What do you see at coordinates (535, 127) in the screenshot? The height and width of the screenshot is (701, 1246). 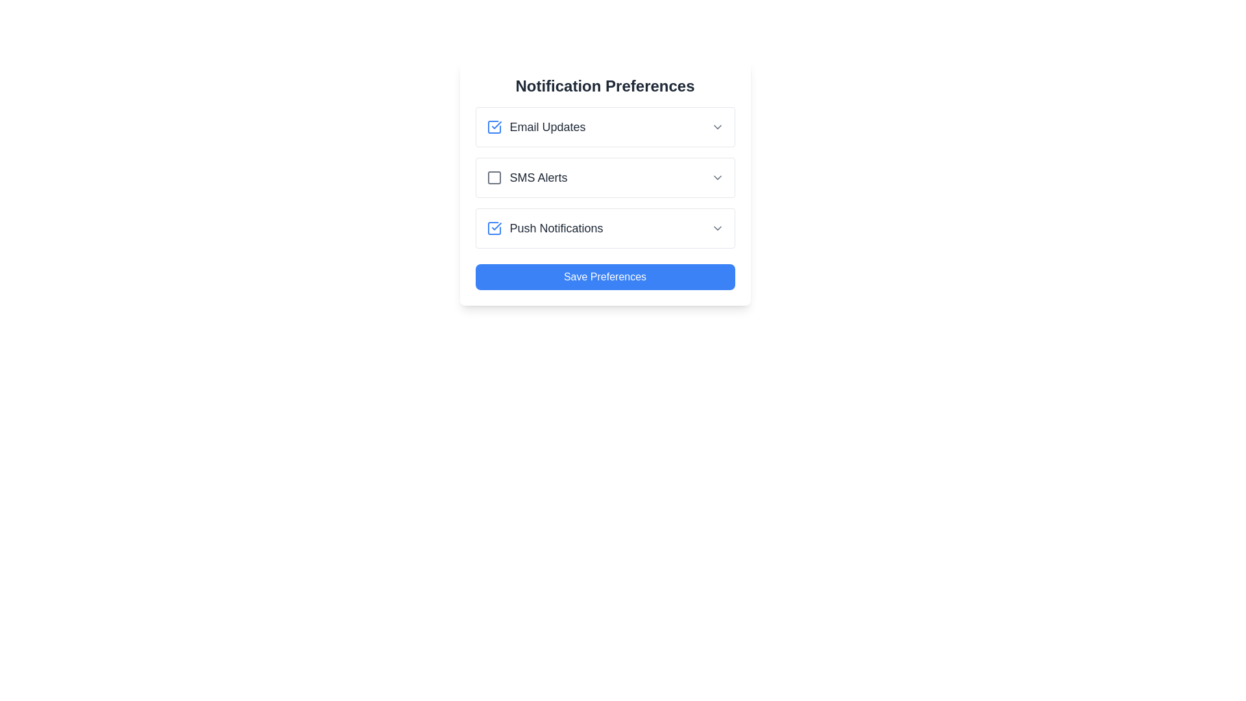 I see `the checkbox labeled 'Email Updates'` at bounding box center [535, 127].